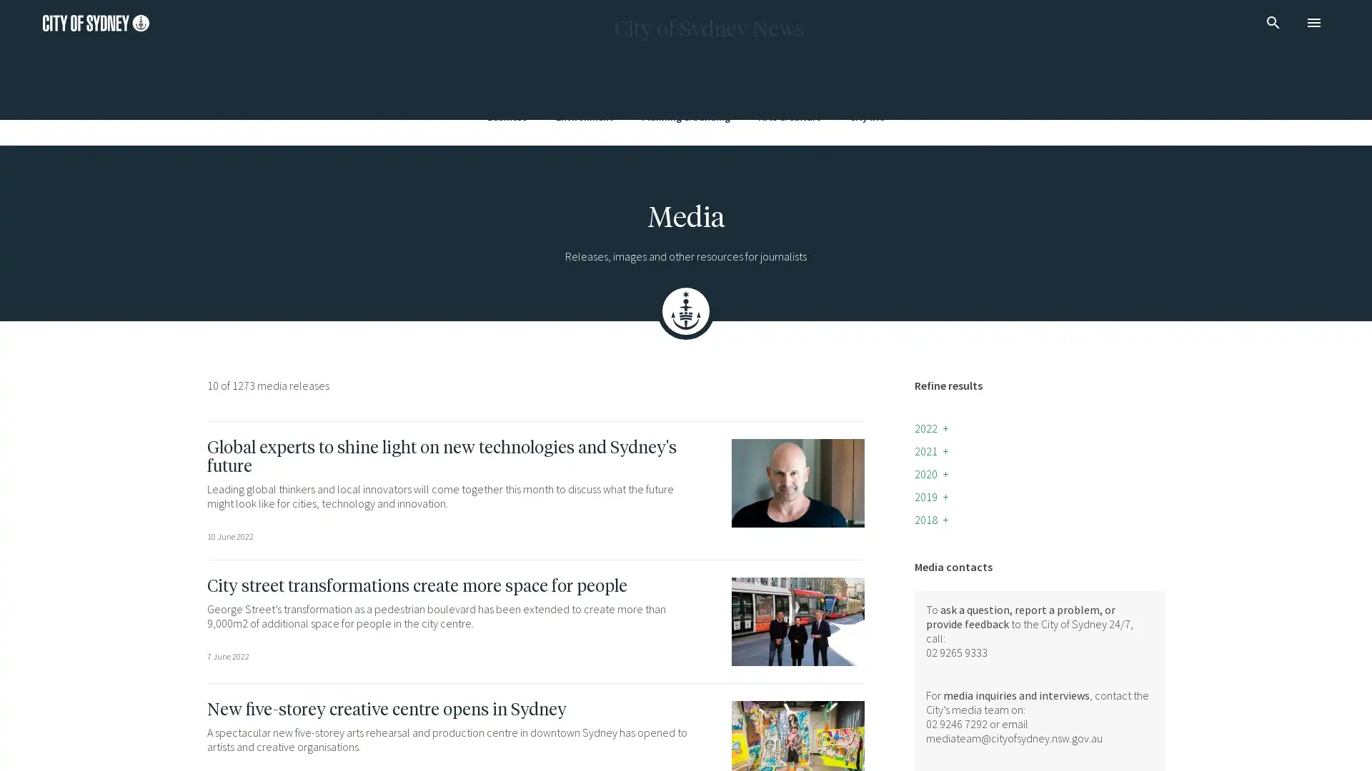 The width and height of the screenshot is (1372, 771). Describe the element at coordinates (931, 495) in the screenshot. I see `2019+` at that location.